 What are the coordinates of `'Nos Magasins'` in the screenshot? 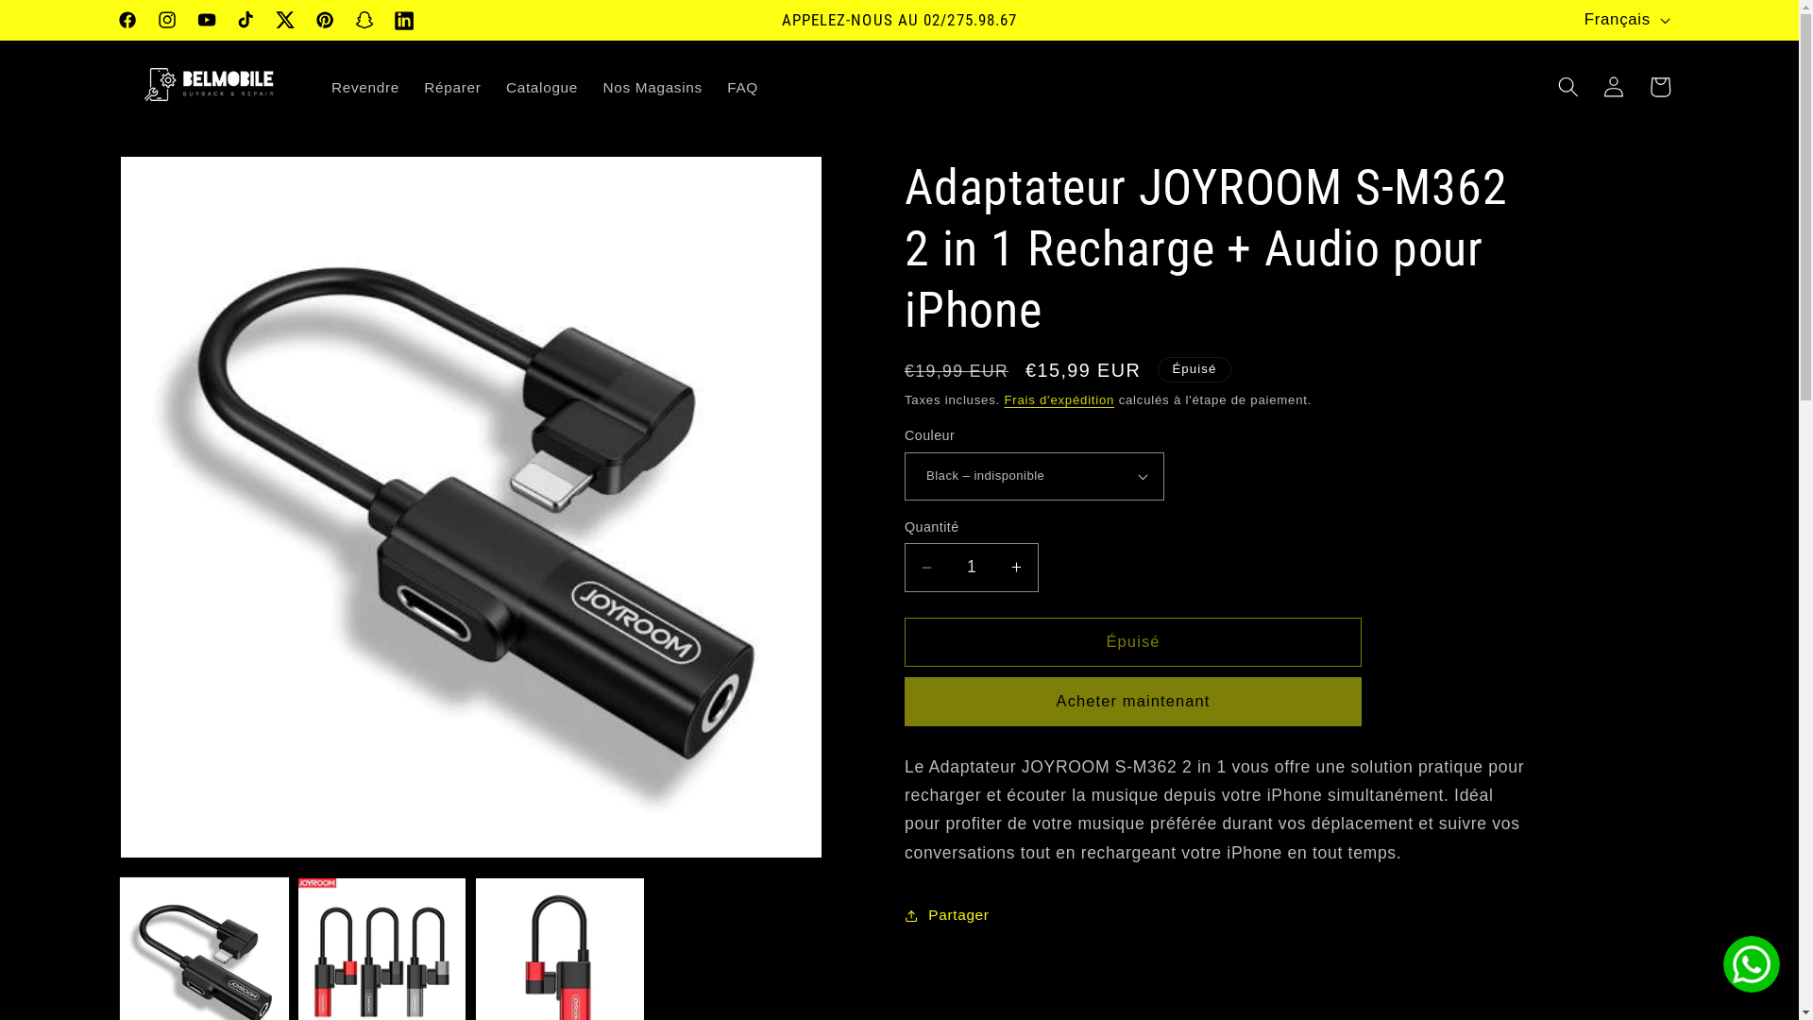 It's located at (652, 87).